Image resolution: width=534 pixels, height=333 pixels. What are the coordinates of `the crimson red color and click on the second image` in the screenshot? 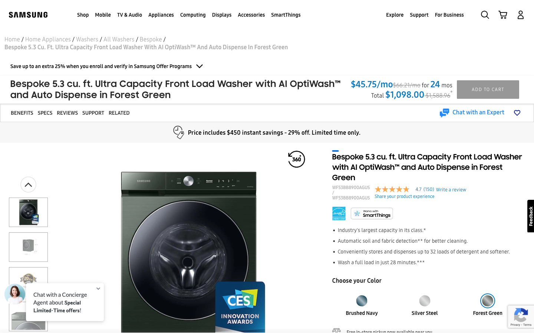 It's located at (424, 298).